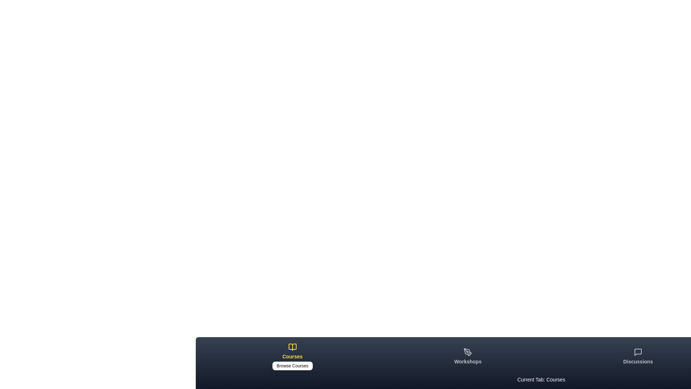 This screenshot has height=389, width=691. Describe the element at coordinates (468, 357) in the screenshot. I see `the tab corresponding to Workshops to display its details in the 'Current Tab' section` at that location.